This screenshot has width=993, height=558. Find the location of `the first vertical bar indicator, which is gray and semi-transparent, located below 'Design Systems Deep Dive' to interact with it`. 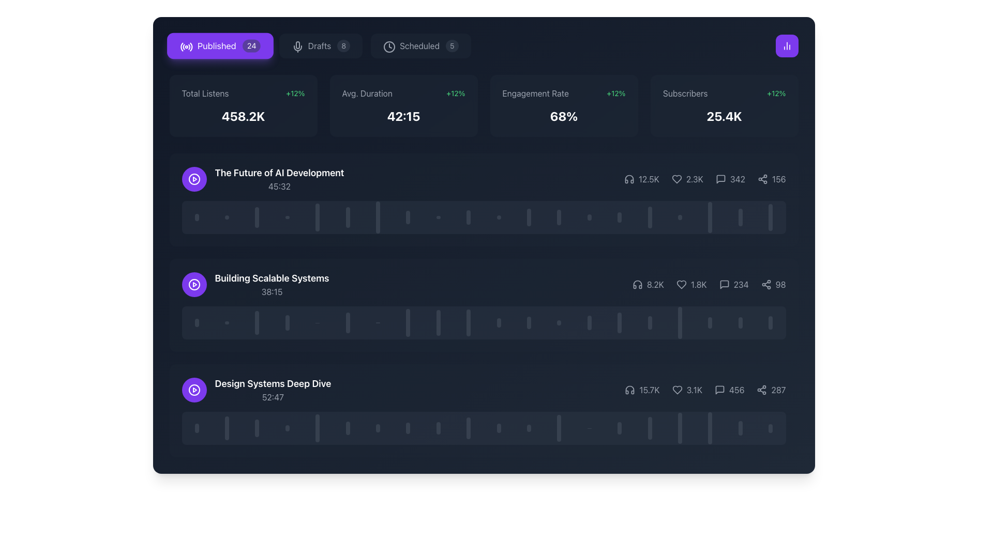

the first vertical bar indicator, which is gray and semi-transparent, located below 'Design Systems Deep Dive' to interact with it is located at coordinates (197, 428).